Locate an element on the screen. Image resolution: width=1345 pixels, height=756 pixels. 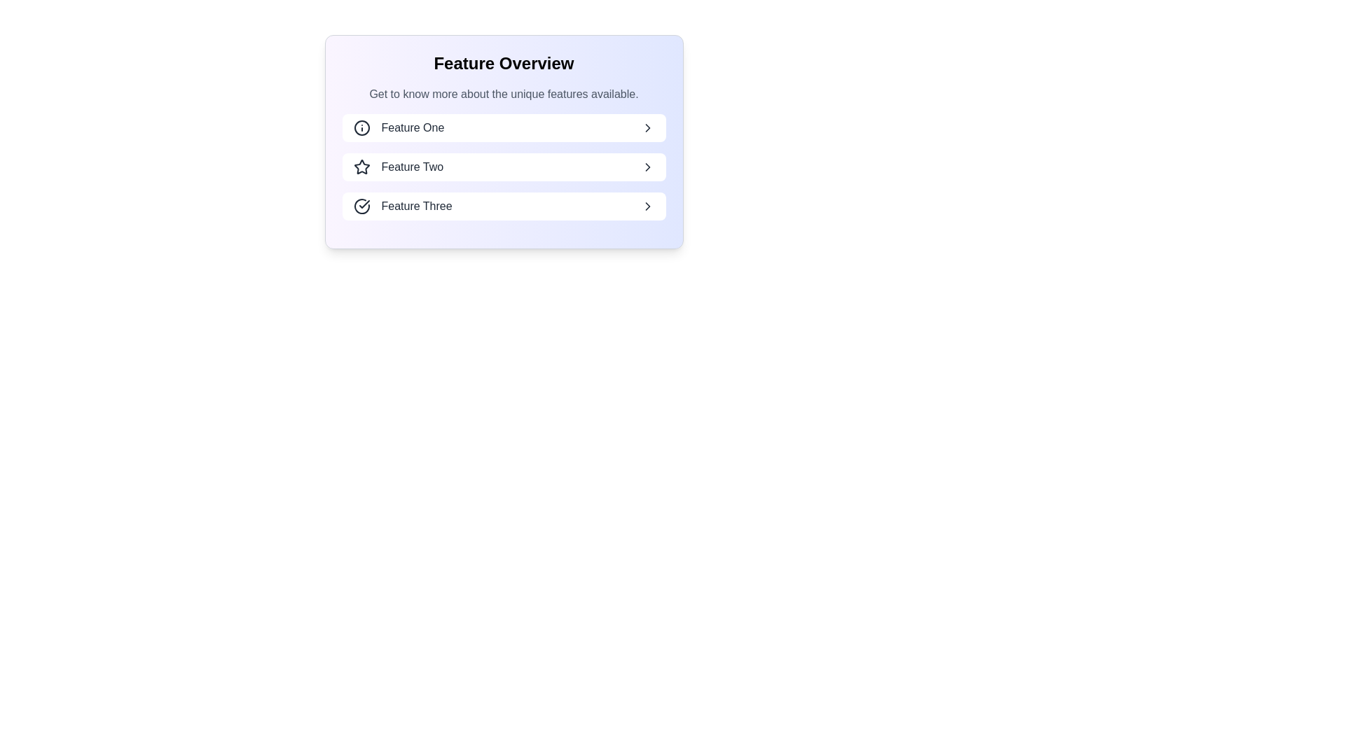
the 'Feature Two' text label, which is the second item in the 'Feature Overview' list is located at coordinates (411, 167).